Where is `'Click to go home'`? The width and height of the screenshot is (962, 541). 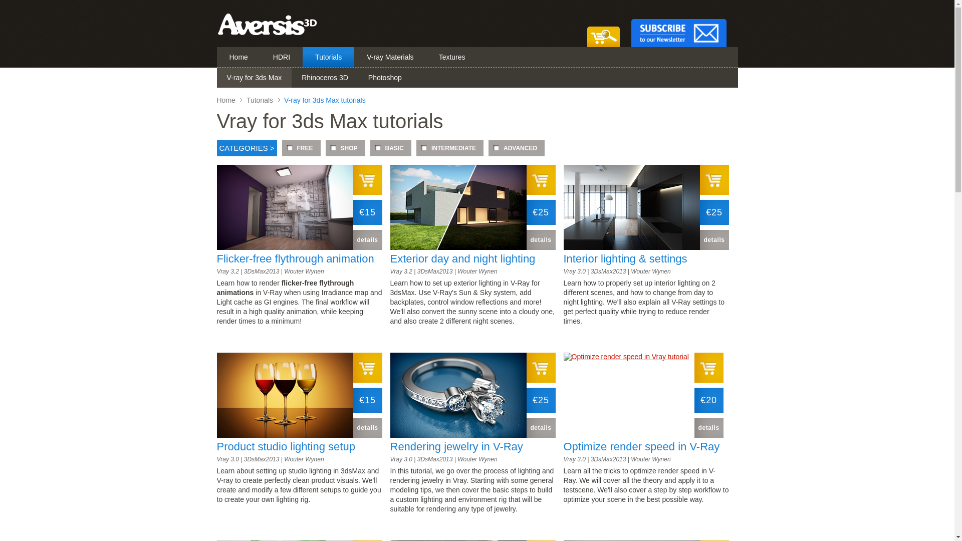
'Click to go home' is located at coordinates (216, 34).